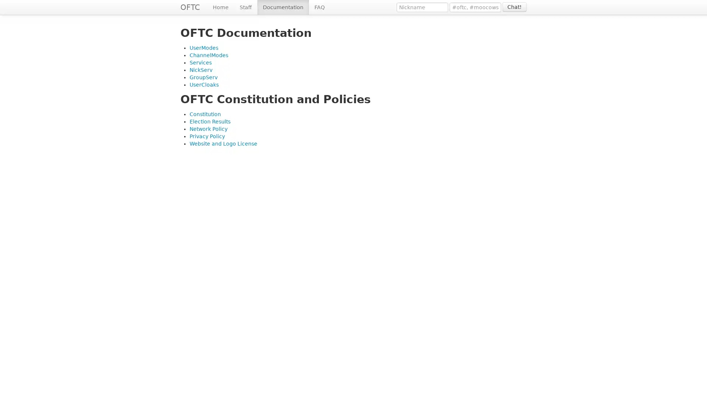 The image size is (707, 398). Describe the element at coordinates (514, 7) in the screenshot. I see `Chat!` at that location.